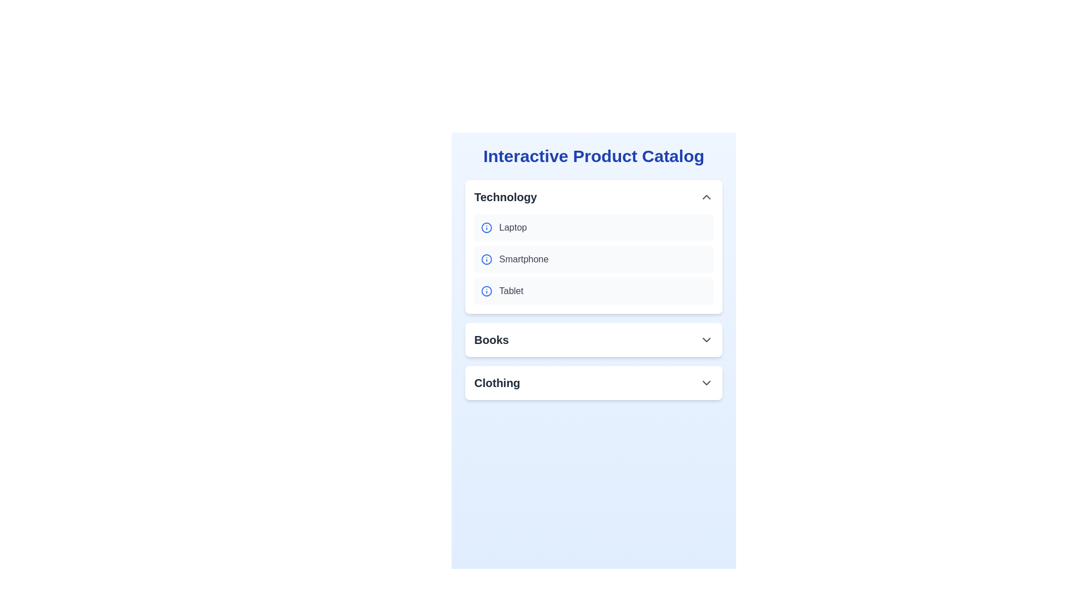  What do you see at coordinates (523, 260) in the screenshot?
I see `the 'Smartphone' label, which is the second item in the 'Technology' section, styled in a dark color on a light-gray background` at bounding box center [523, 260].